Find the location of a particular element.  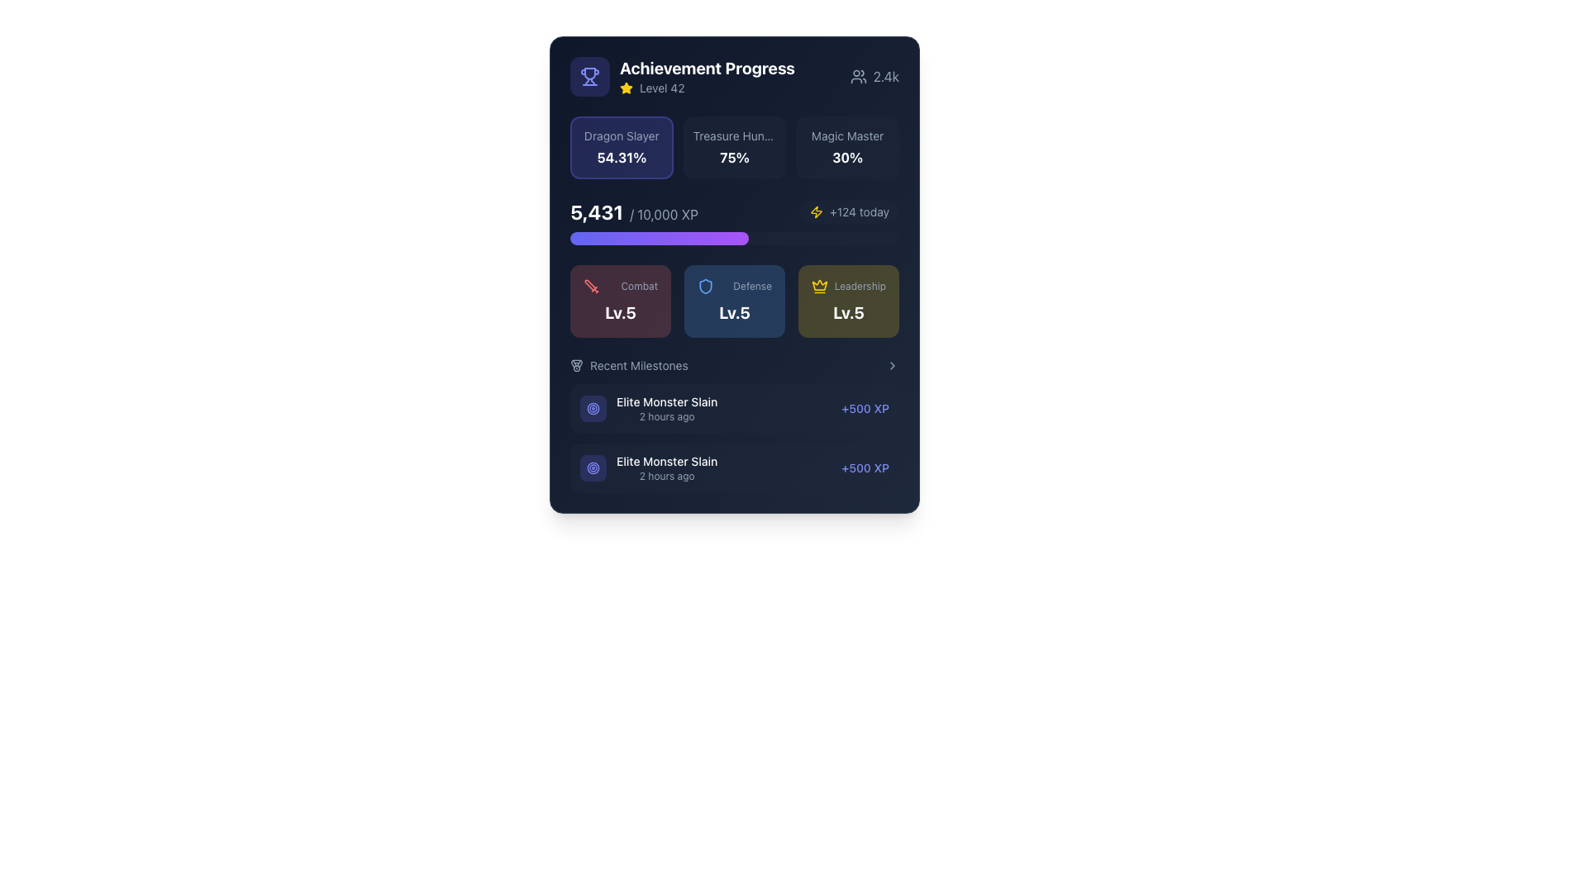

the Text label displaying '2.4k' in light gray color, located at the top right corner of the 'Achievement Progress' card is located at coordinates (885, 76).